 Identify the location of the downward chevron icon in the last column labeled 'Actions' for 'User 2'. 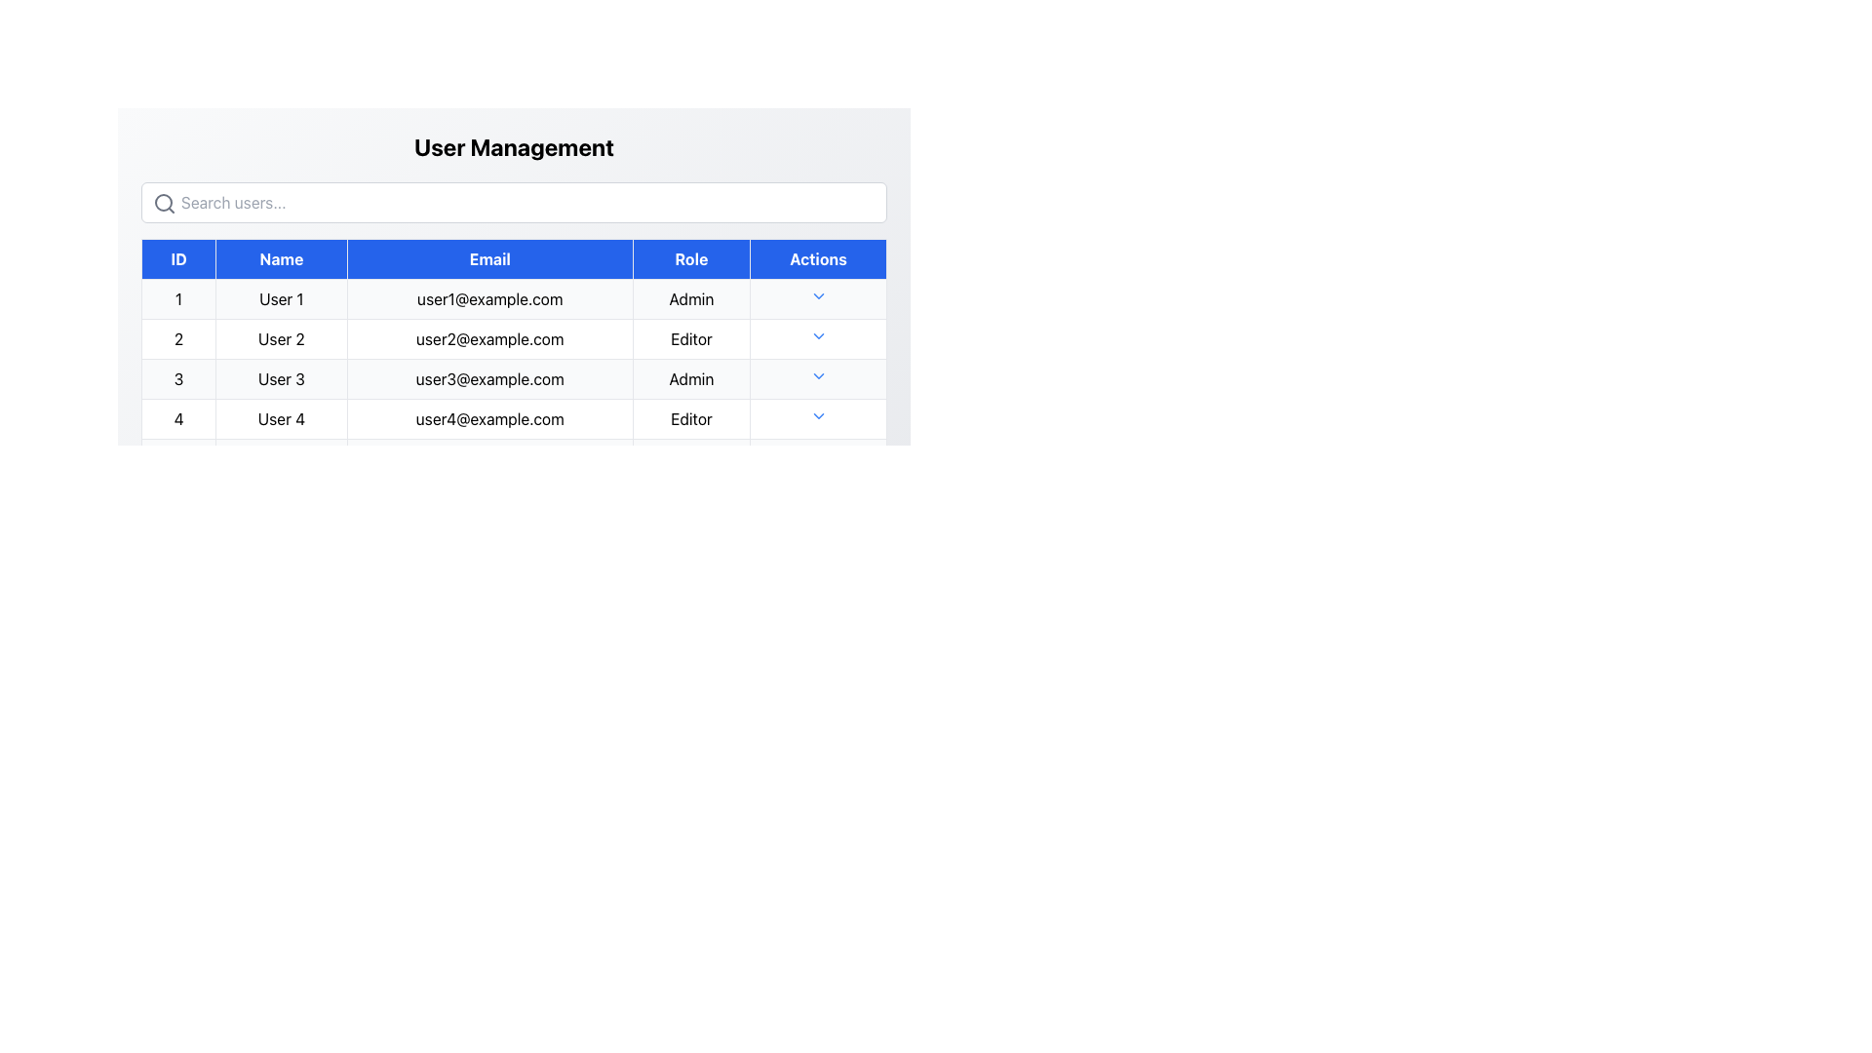
(818, 337).